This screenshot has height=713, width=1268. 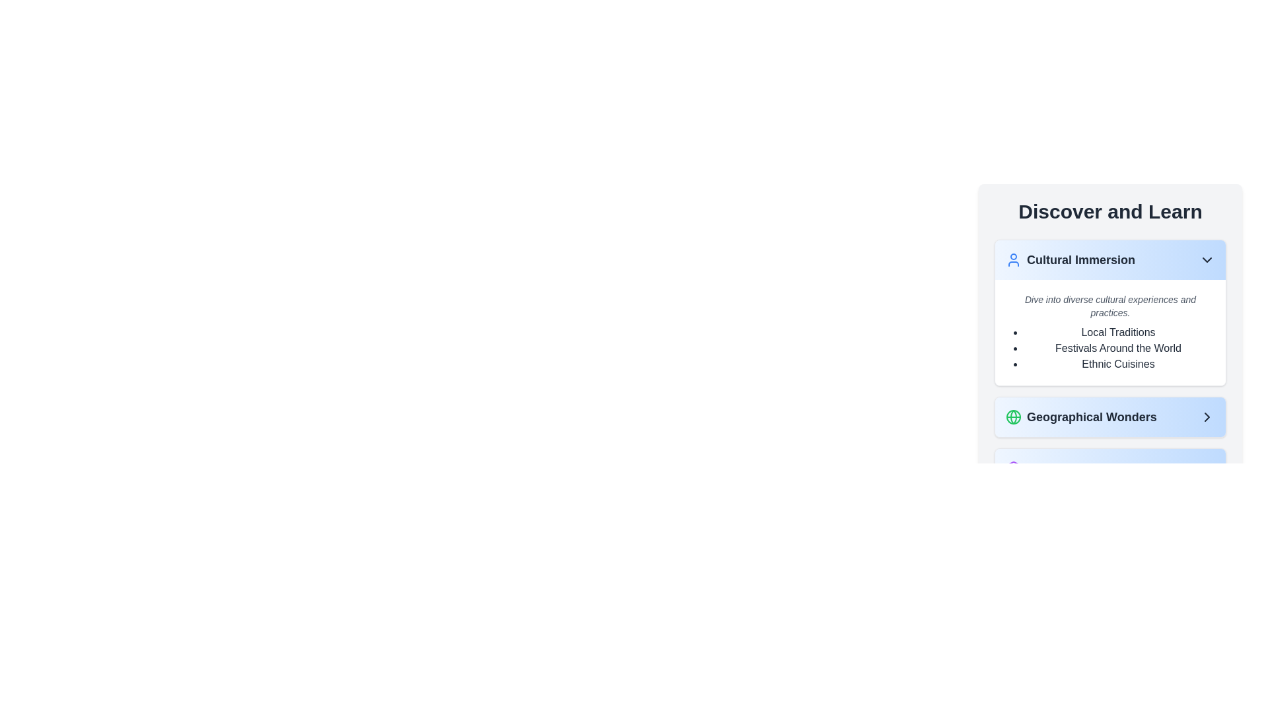 I want to click on the chevron icon located at the far right of the 'Historical Timelines' section to interact or navigate, so click(x=1207, y=467).